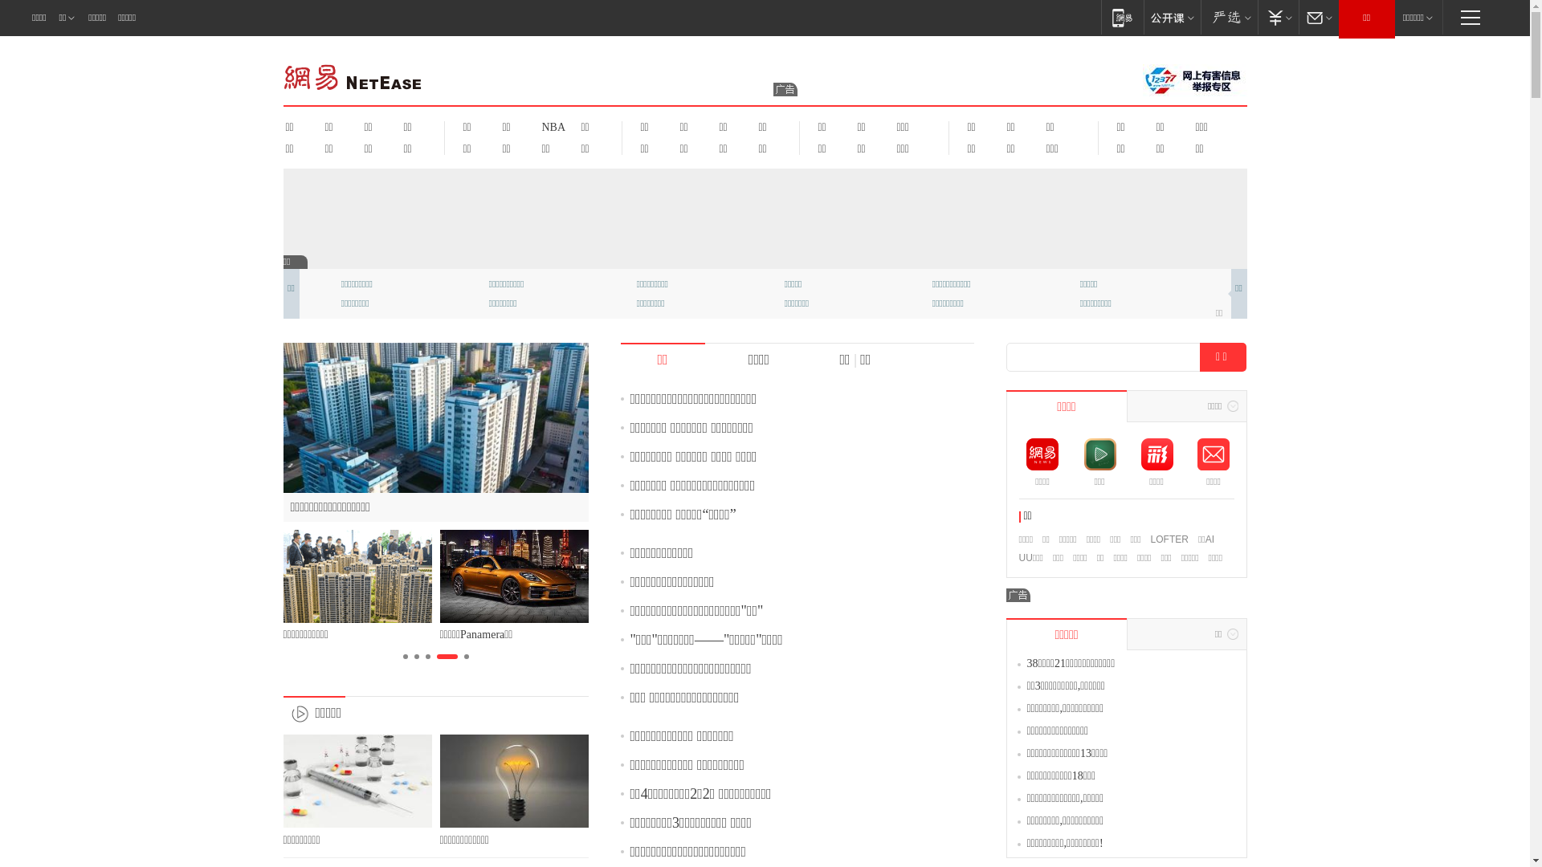 The image size is (1542, 867). I want to click on 'NBA', so click(532, 126).